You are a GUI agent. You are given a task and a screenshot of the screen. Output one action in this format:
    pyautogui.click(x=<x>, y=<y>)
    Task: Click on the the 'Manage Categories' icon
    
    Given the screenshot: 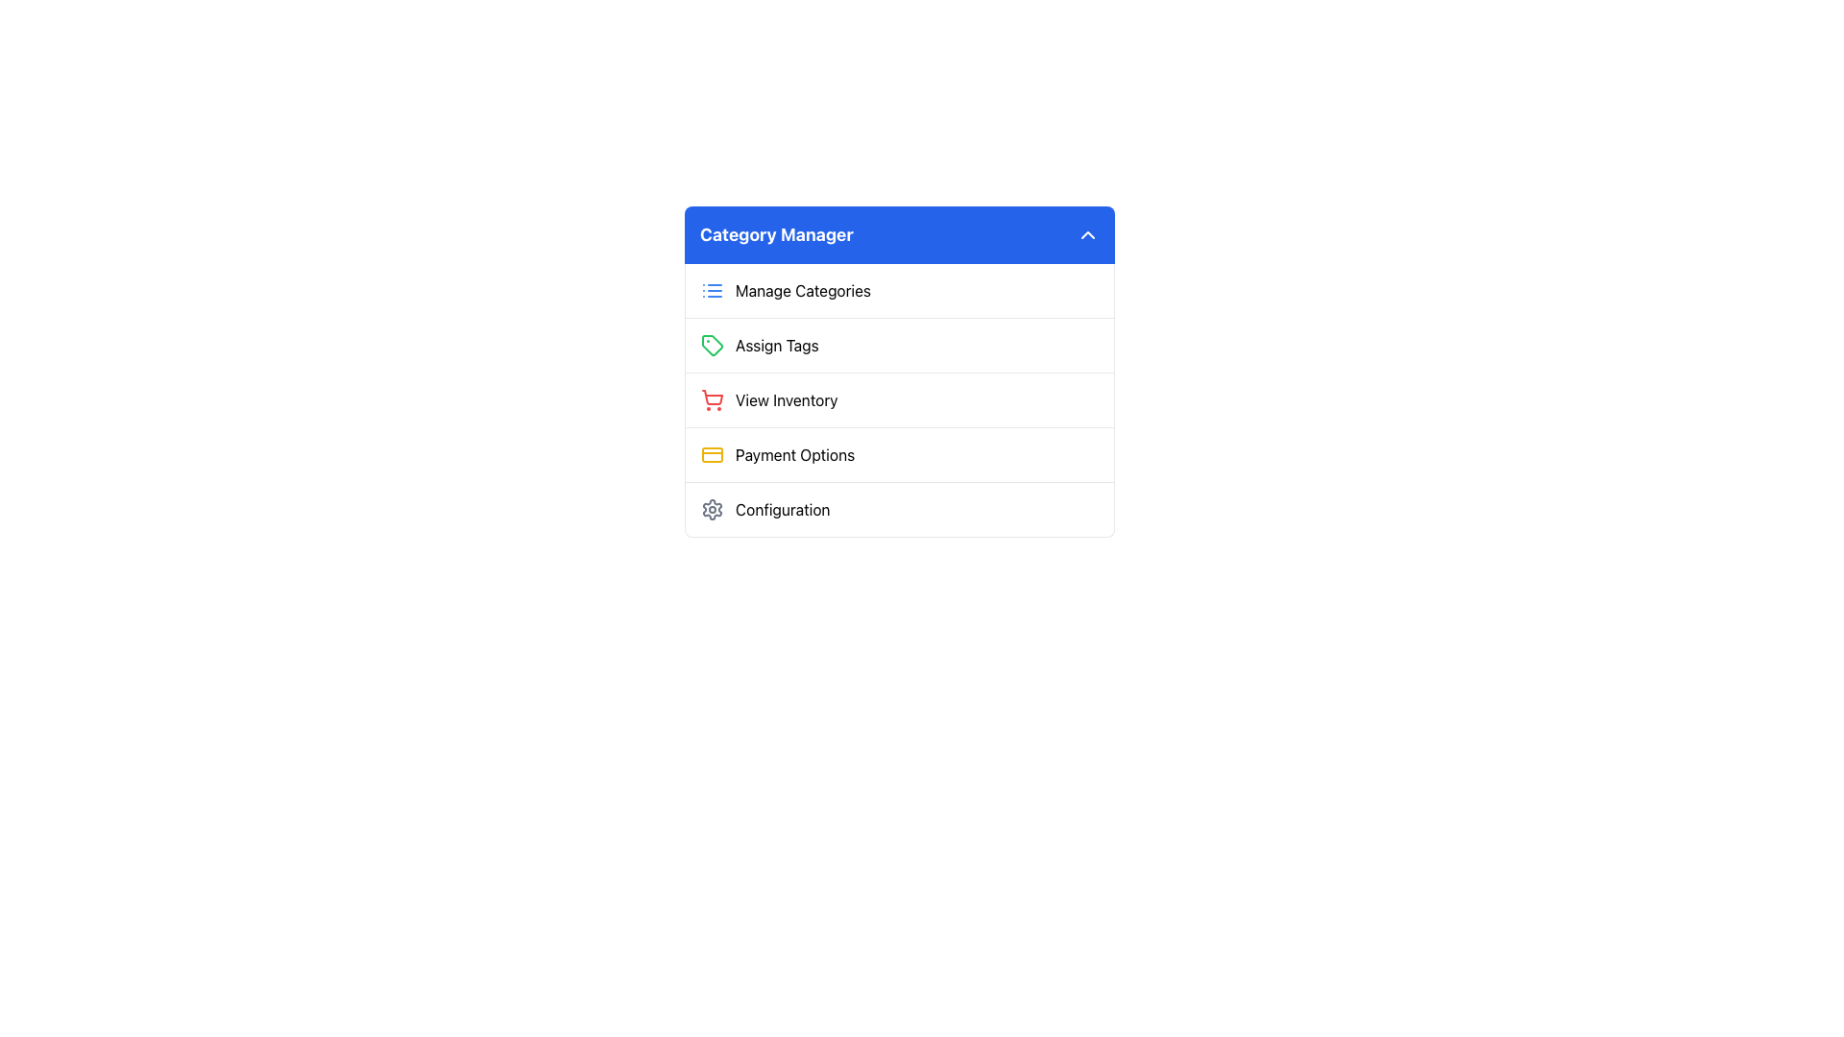 What is the action you would take?
    pyautogui.click(x=712, y=291)
    